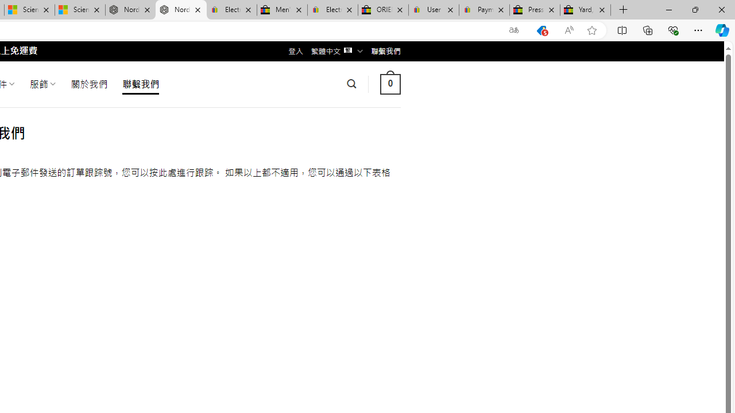 The width and height of the screenshot is (735, 413). What do you see at coordinates (130, 10) in the screenshot?
I see `'Nordace - Summer Adventures 2024'` at bounding box center [130, 10].